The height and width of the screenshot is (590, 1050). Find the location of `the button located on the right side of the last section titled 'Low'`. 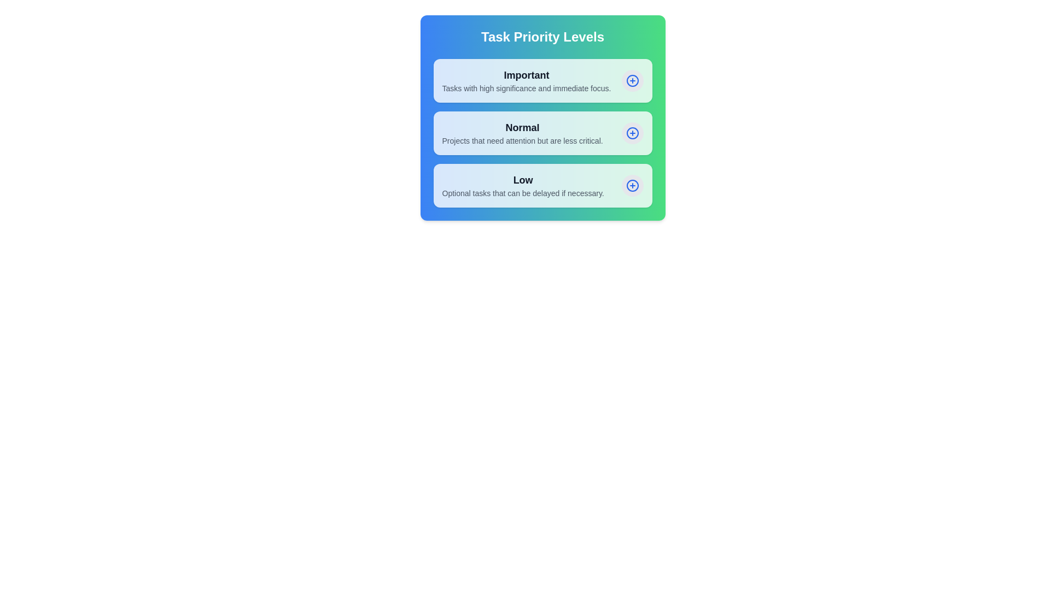

the button located on the right side of the last section titled 'Low' is located at coordinates (632, 185).